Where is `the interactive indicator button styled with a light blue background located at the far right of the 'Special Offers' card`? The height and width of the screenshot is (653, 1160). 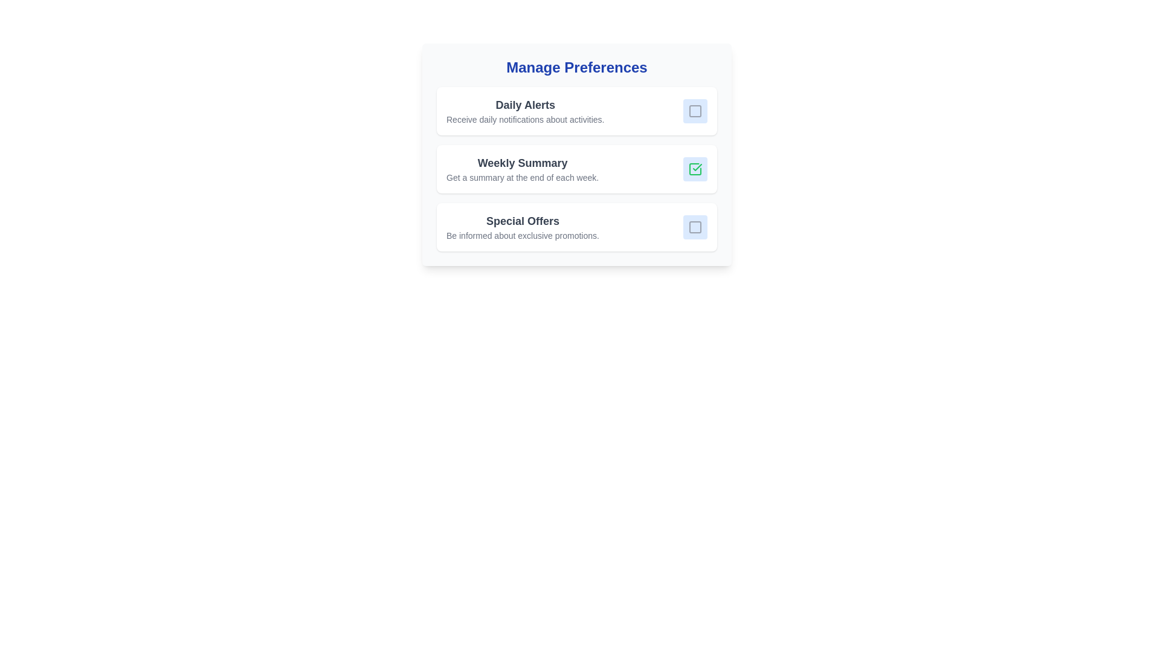 the interactive indicator button styled with a light blue background located at the far right of the 'Special Offers' card is located at coordinates (695, 227).